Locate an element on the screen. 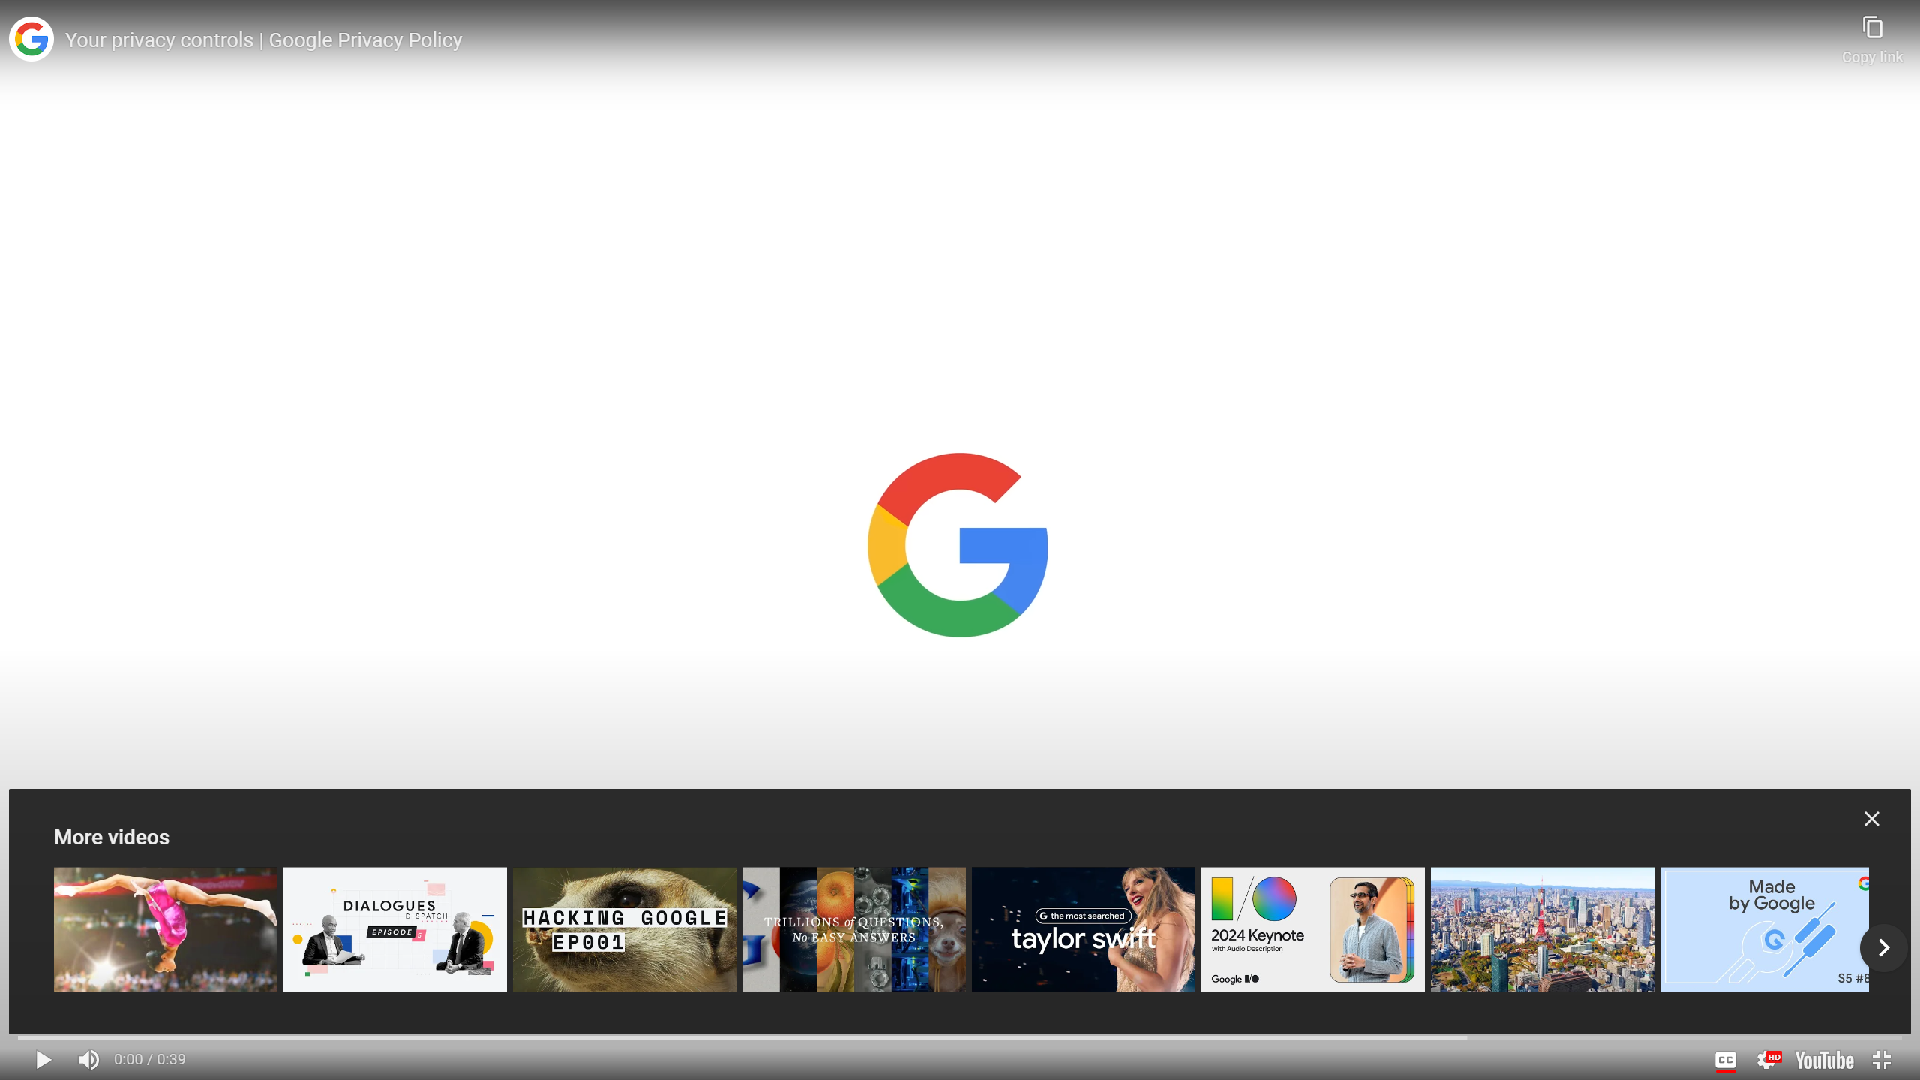 This screenshot has height=1080, width=1920. 'Exit full screen (f)' is located at coordinates (1882, 1059).